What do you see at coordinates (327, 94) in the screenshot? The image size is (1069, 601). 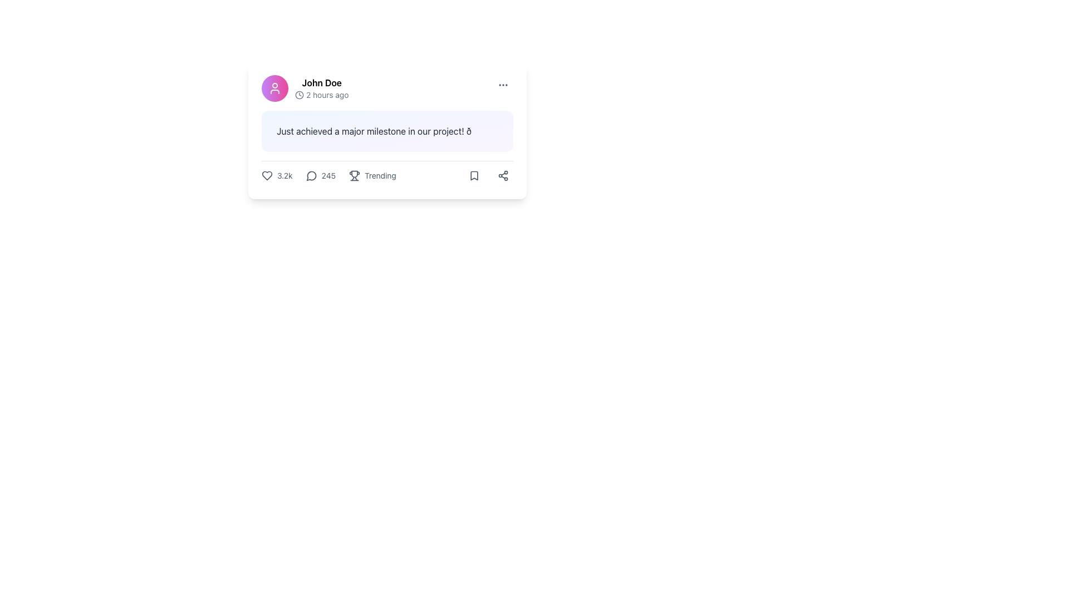 I see `static text that indicates the time when the post was created, located in the metadata section near the top left corner of the post, to the right of the clock icon and below the name 'John Doe'` at bounding box center [327, 94].